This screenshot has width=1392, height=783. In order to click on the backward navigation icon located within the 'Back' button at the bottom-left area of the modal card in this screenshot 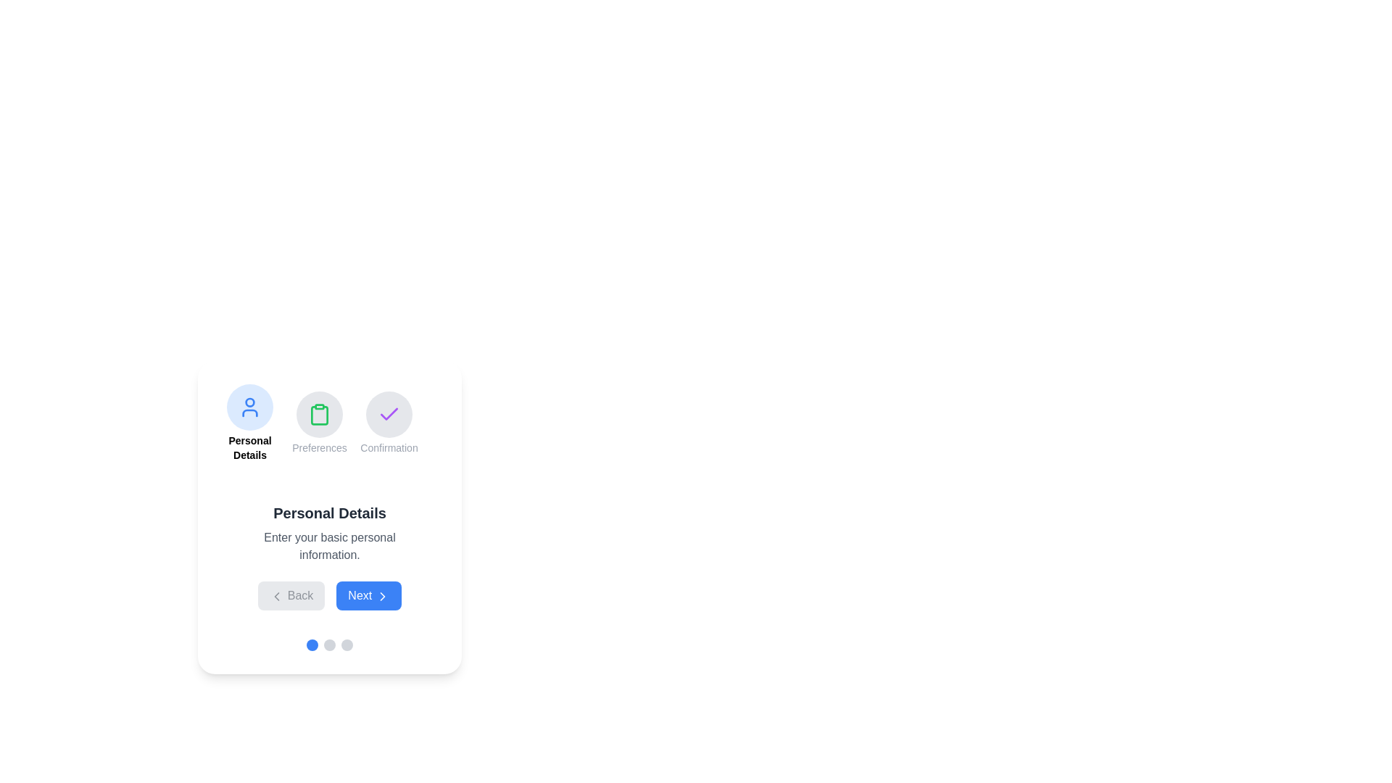, I will do `click(277, 596)`.